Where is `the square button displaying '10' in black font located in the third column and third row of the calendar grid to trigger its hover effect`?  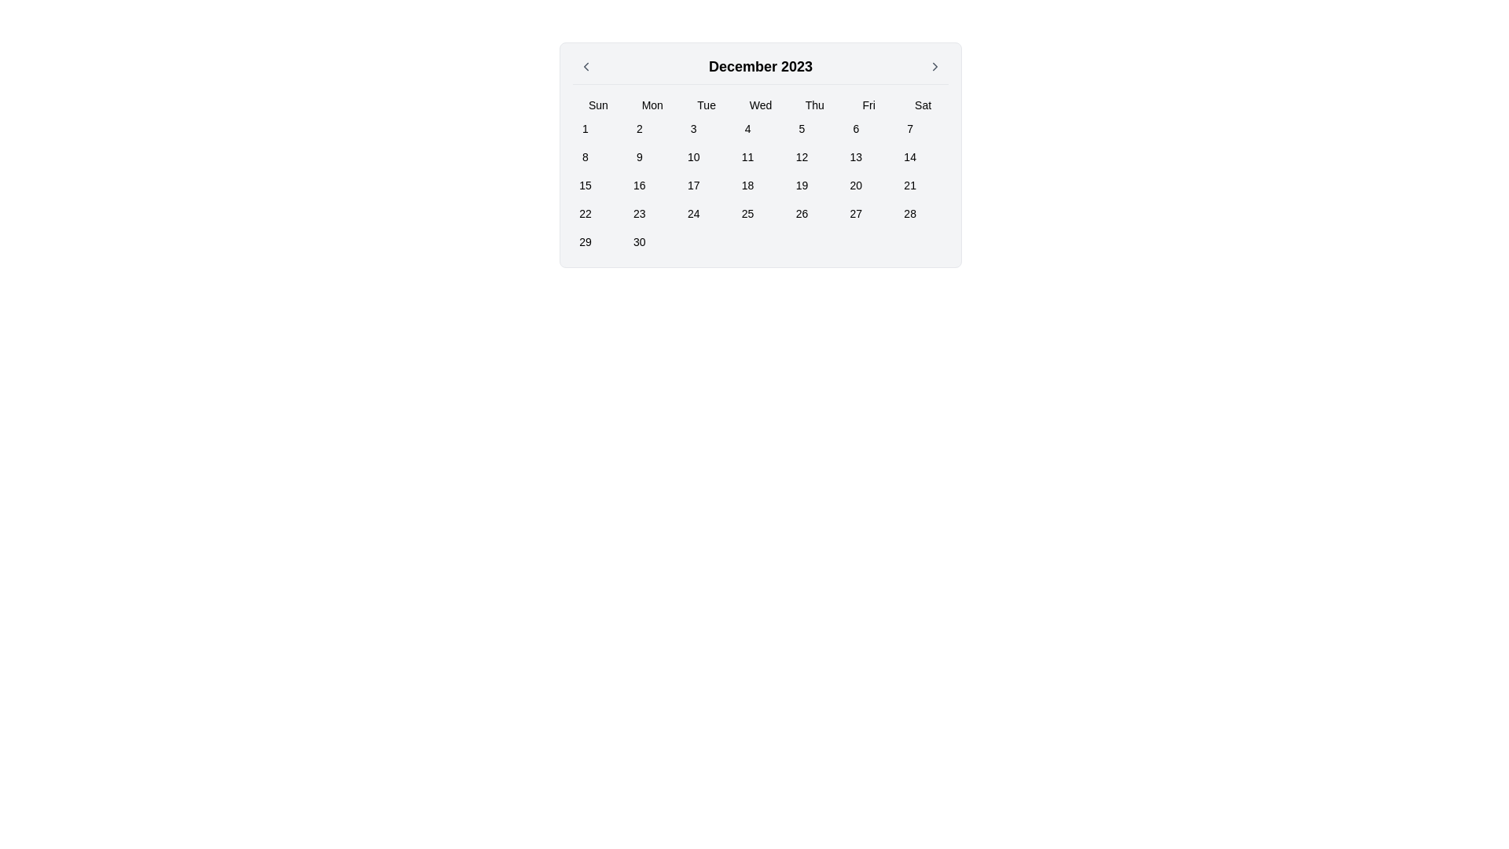
the square button displaying '10' in black font located in the third column and third row of the calendar grid to trigger its hover effect is located at coordinates (692, 157).